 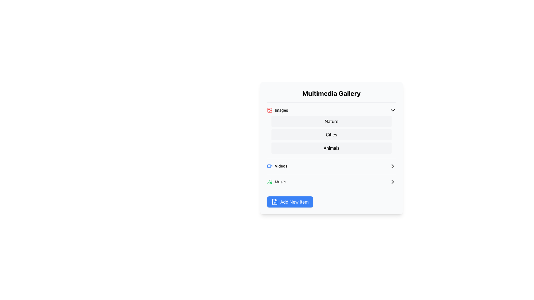 I want to click on the small square icon with rounded corners that has a red outlined box and an internal diagonal line, located in the 'Multimedia Gallery' section, so click(x=270, y=110).